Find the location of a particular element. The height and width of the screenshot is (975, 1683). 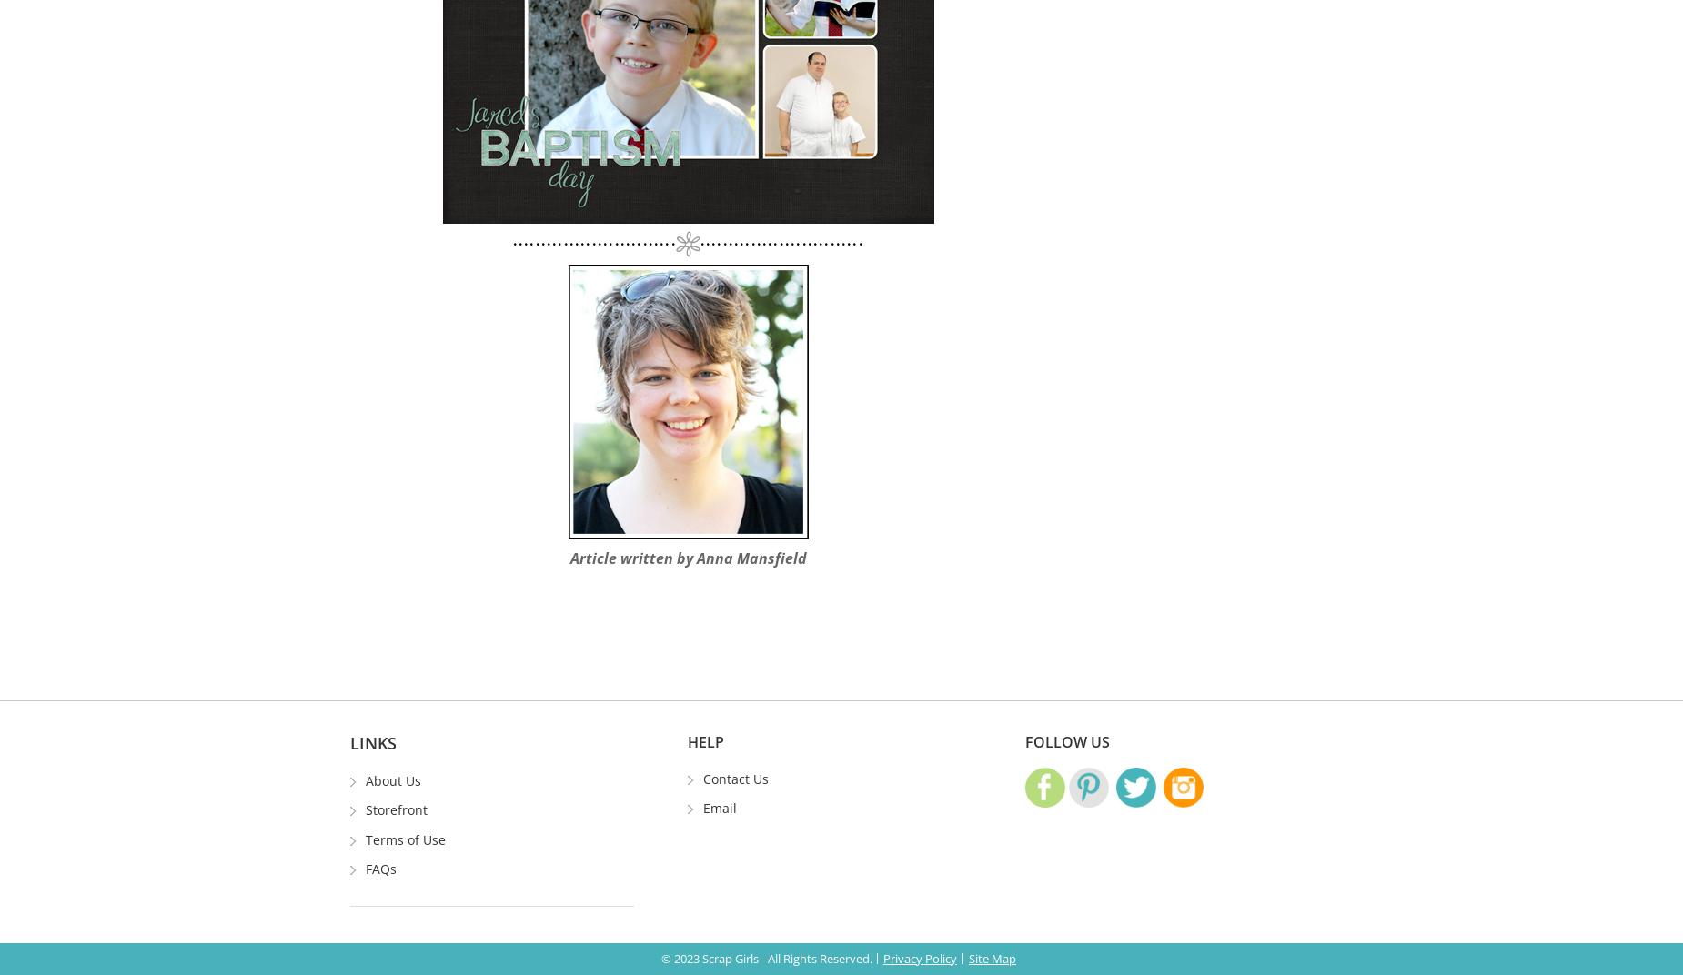

'Article written by Anna Mansfield' is located at coordinates (687, 558).